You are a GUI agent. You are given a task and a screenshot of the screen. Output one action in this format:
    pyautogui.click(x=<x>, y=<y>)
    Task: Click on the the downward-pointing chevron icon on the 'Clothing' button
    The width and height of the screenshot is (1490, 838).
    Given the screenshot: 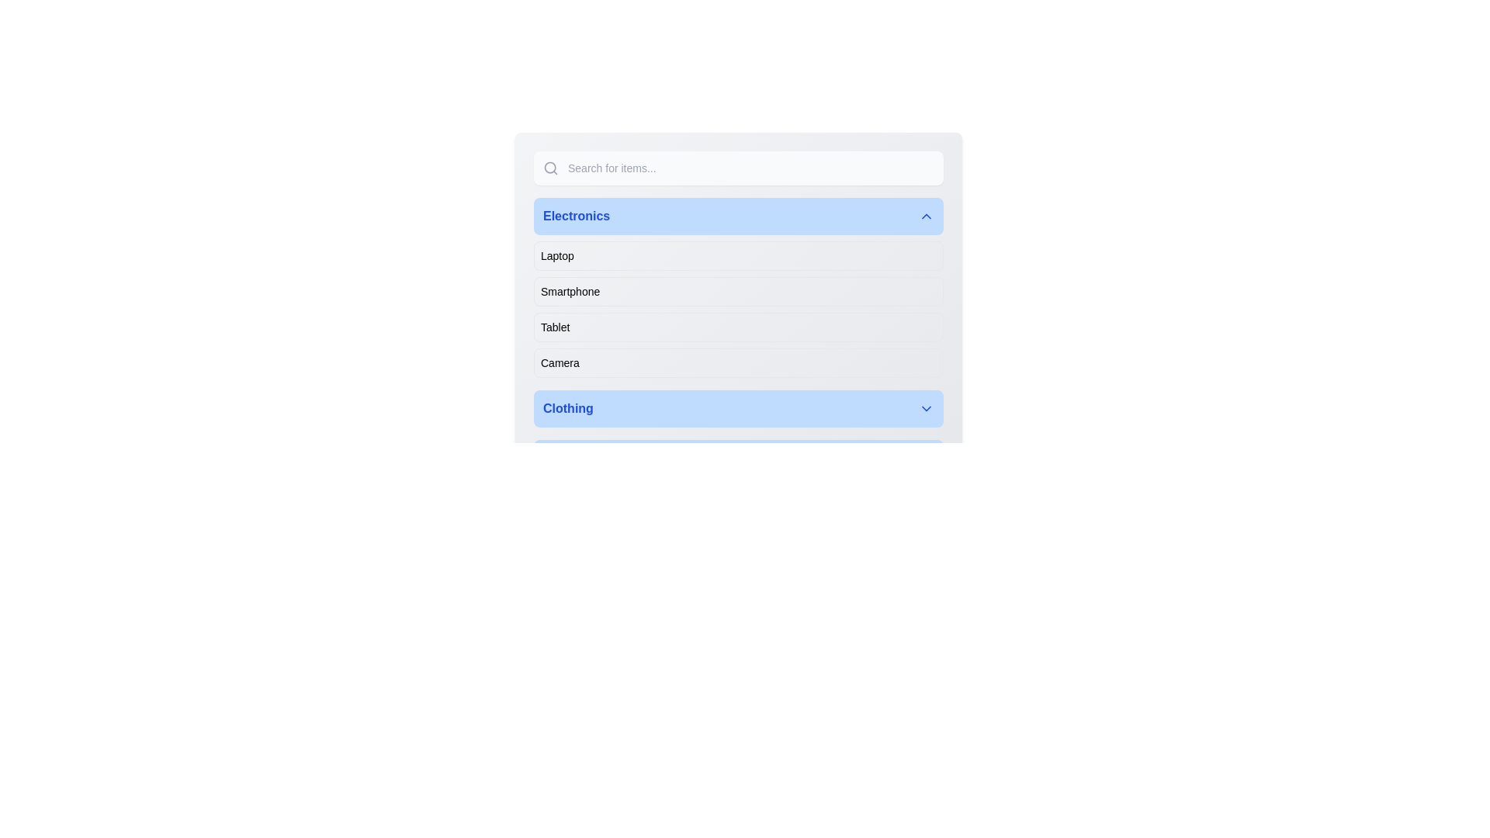 What is the action you would take?
    pyautogui.click(x=927, y=408)
    